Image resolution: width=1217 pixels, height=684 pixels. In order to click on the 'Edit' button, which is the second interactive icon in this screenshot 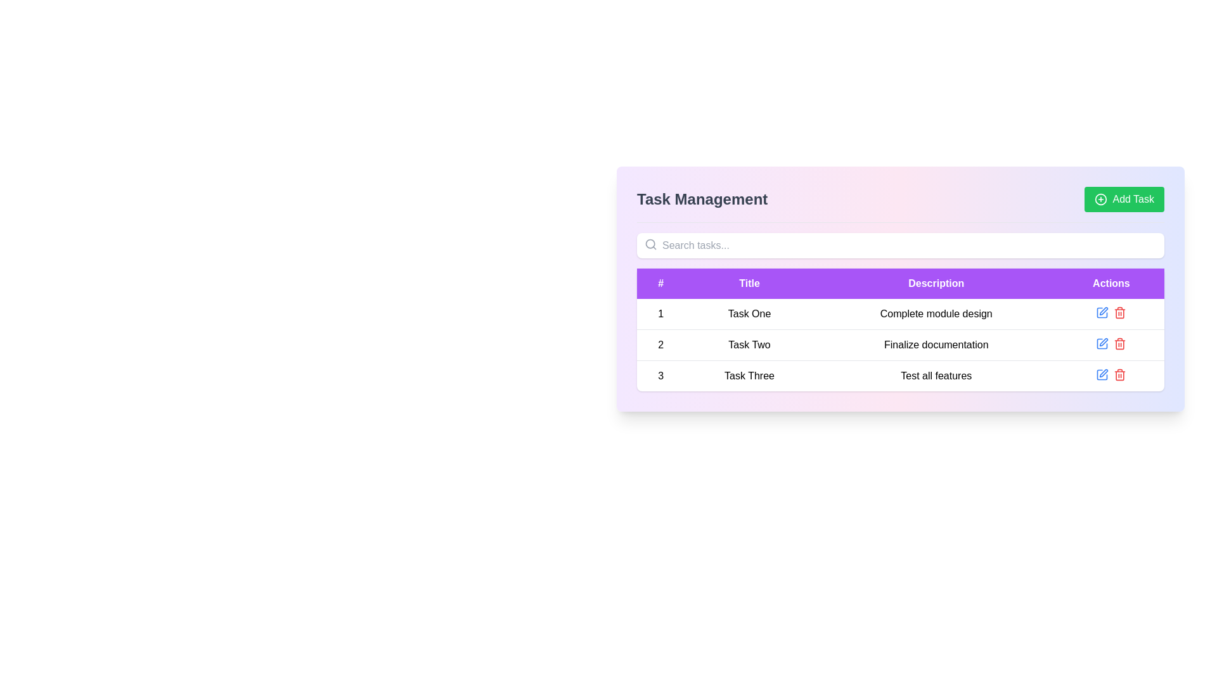, I will do `click(1102, 344)`.